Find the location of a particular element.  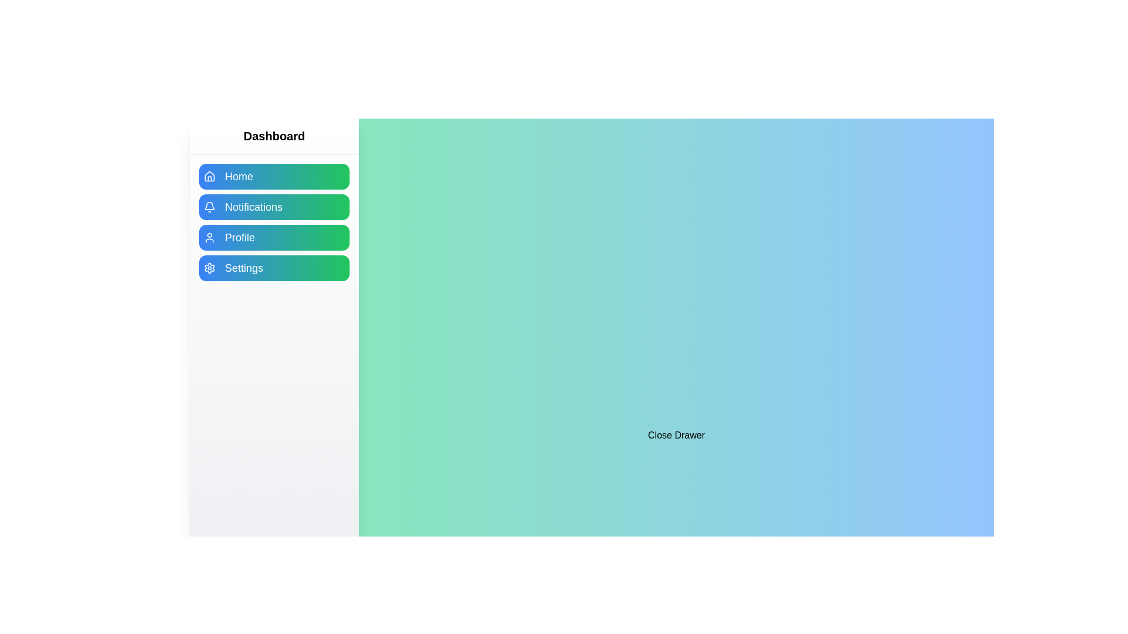

the 'Dashboard' label to examine its content is located at coordinates (273, 136).